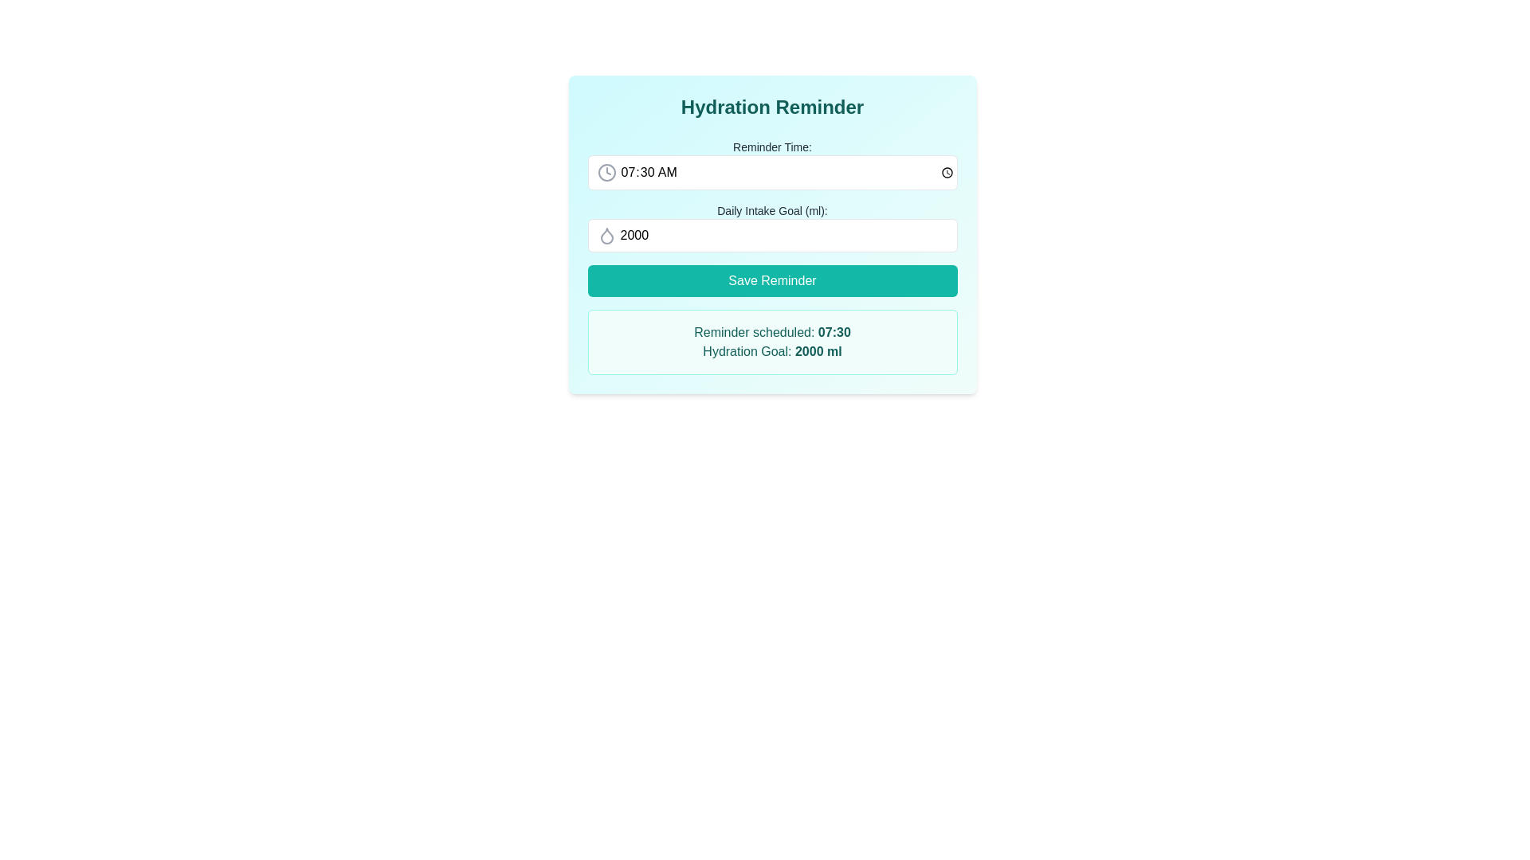  What do you see at coordinates (834, 331) in the screenshot?
I see `the Text Label displaying the scheduled reminder time '07:30' in the notification, which is part of the sentence 'Reminder scheduled: 07:30 Hydration Goal: 2000 ml'` at bounding box center [834, 331].